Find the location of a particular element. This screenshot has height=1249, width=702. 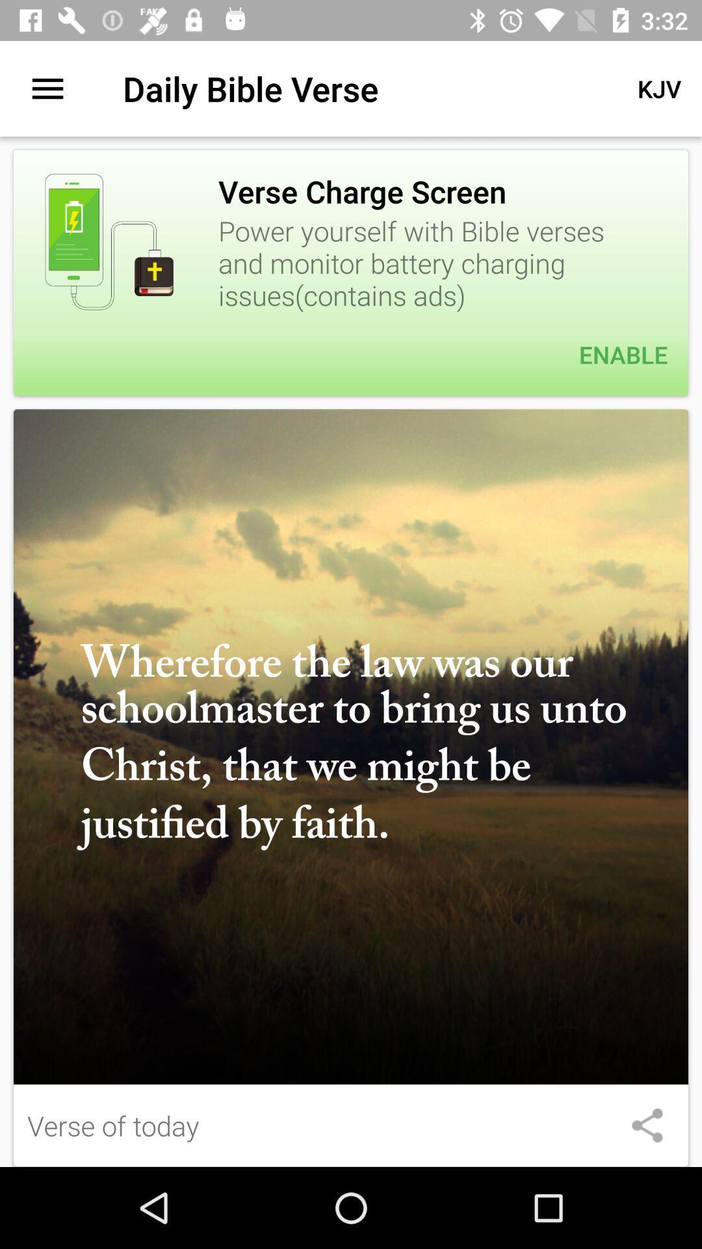

app next to the daily bible verse app is located at coordinates (659, 88).